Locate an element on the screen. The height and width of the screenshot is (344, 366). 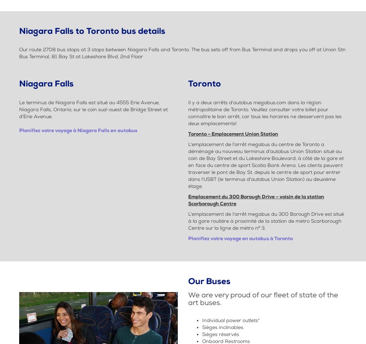
'Il y a deux arrêts d'autobus megabus.com dans la région métropolitaine de Toronto. Veuillez consulter votre billet pour connaître le bon arrêt, car tous les horaires ne desservent pas les deux emplacements!' is located at coordinates (188, 112).